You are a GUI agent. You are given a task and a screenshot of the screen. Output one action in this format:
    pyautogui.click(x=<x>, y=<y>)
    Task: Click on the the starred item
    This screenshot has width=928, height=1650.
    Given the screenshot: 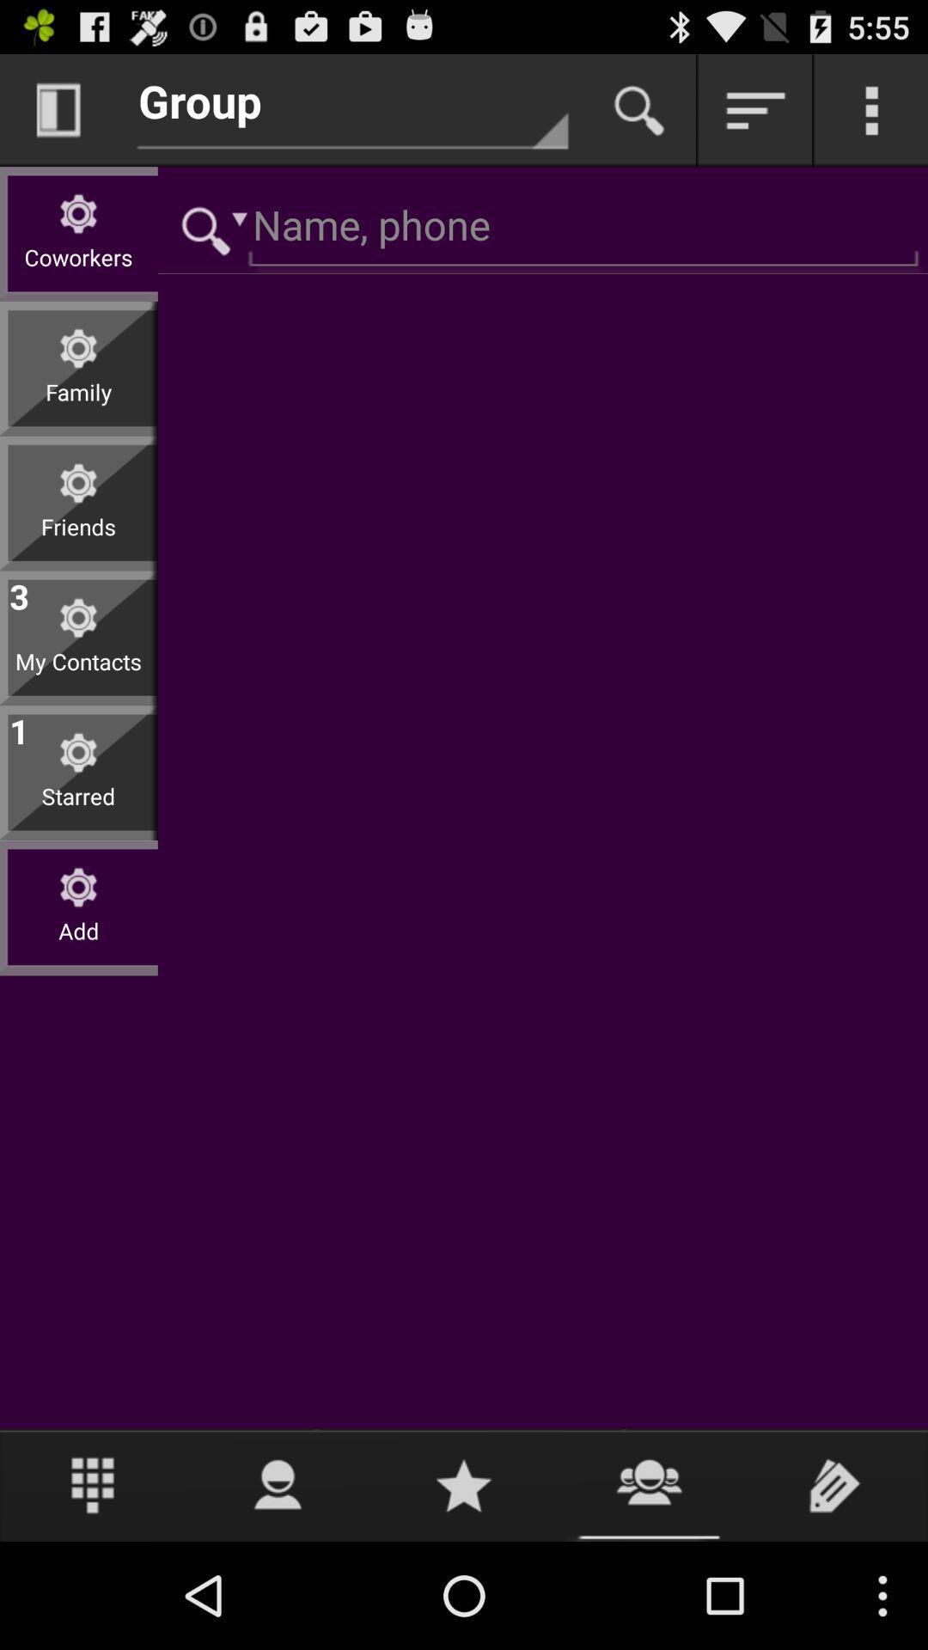 What is the action you would take?
    pyautogui.click(x=78, y=809)
    